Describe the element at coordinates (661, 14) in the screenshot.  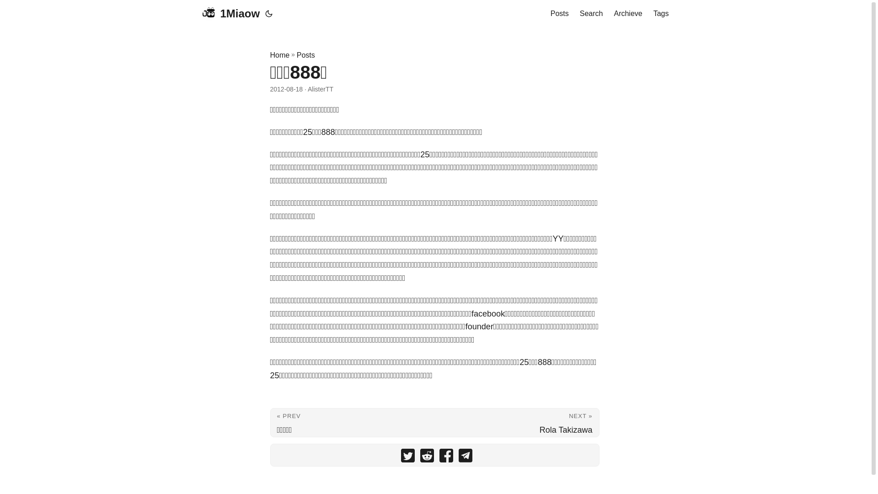
I see `'Tags'` at that location.